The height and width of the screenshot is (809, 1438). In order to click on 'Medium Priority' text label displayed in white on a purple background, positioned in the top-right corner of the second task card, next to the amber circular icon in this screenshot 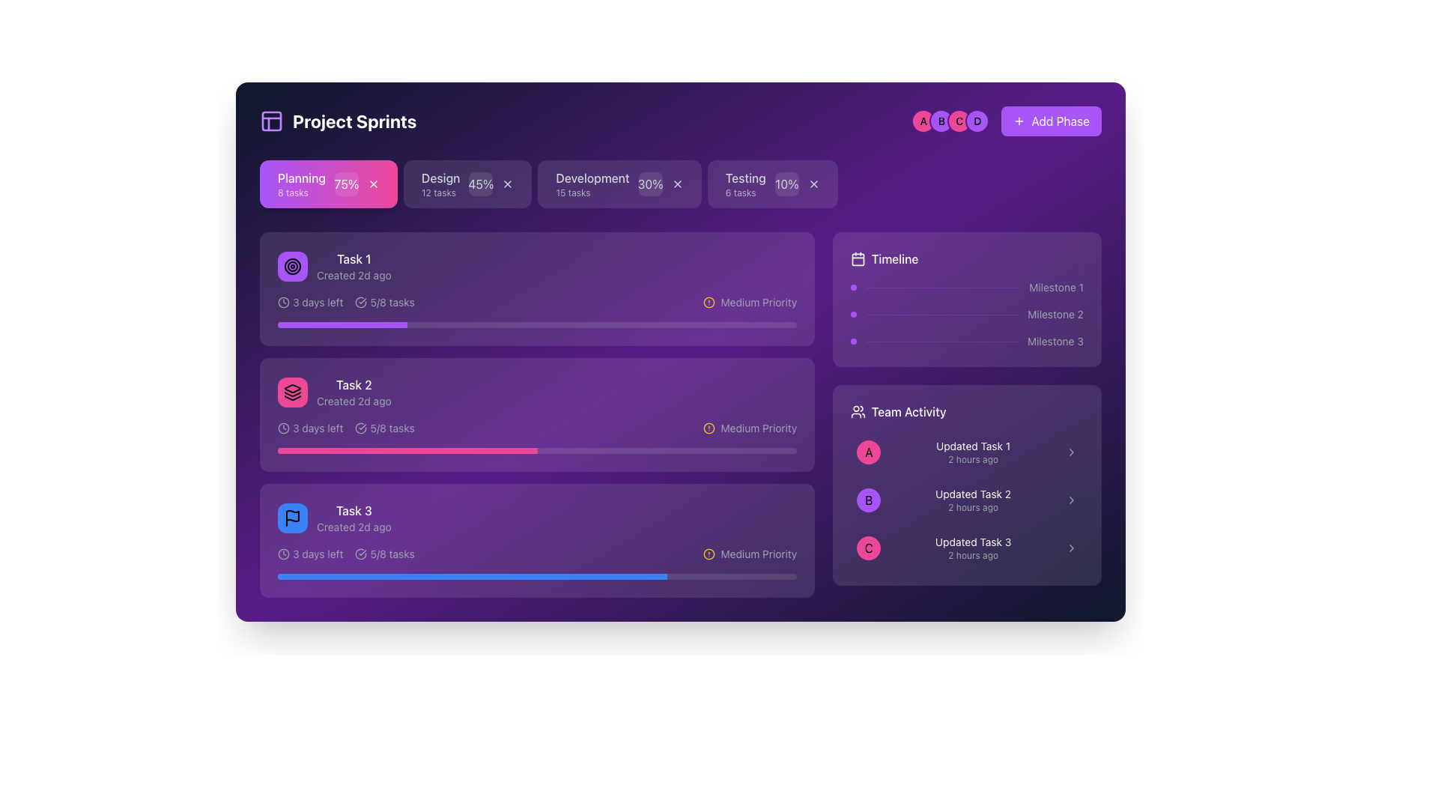, I will do `click(759, 303)`.